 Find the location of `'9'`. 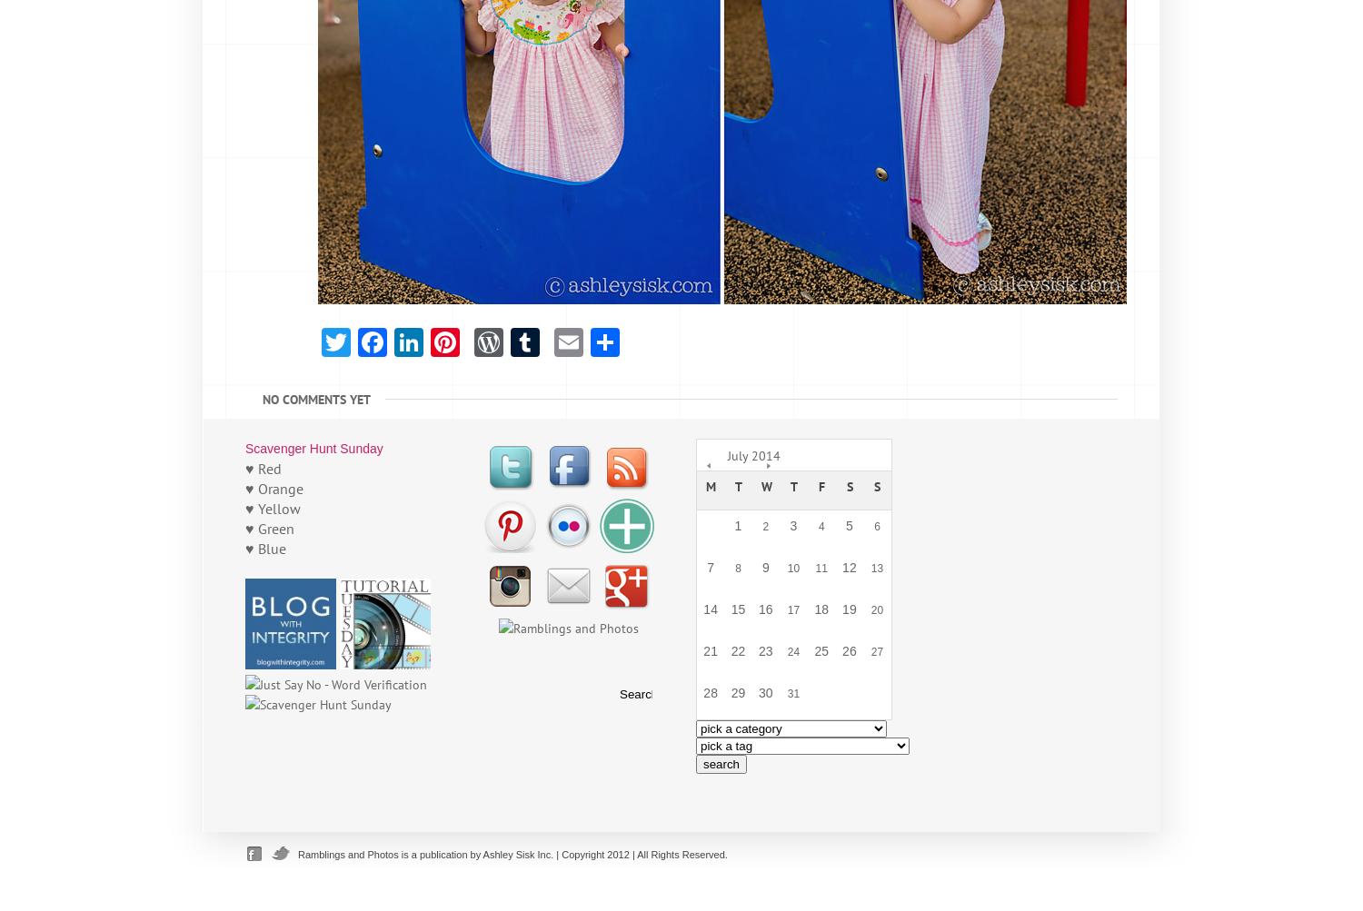

'9' is located at coordinates (763, 567).